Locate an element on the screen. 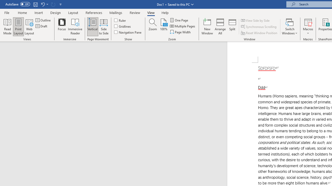  'Ruler' is located at coordinates (120, 20).